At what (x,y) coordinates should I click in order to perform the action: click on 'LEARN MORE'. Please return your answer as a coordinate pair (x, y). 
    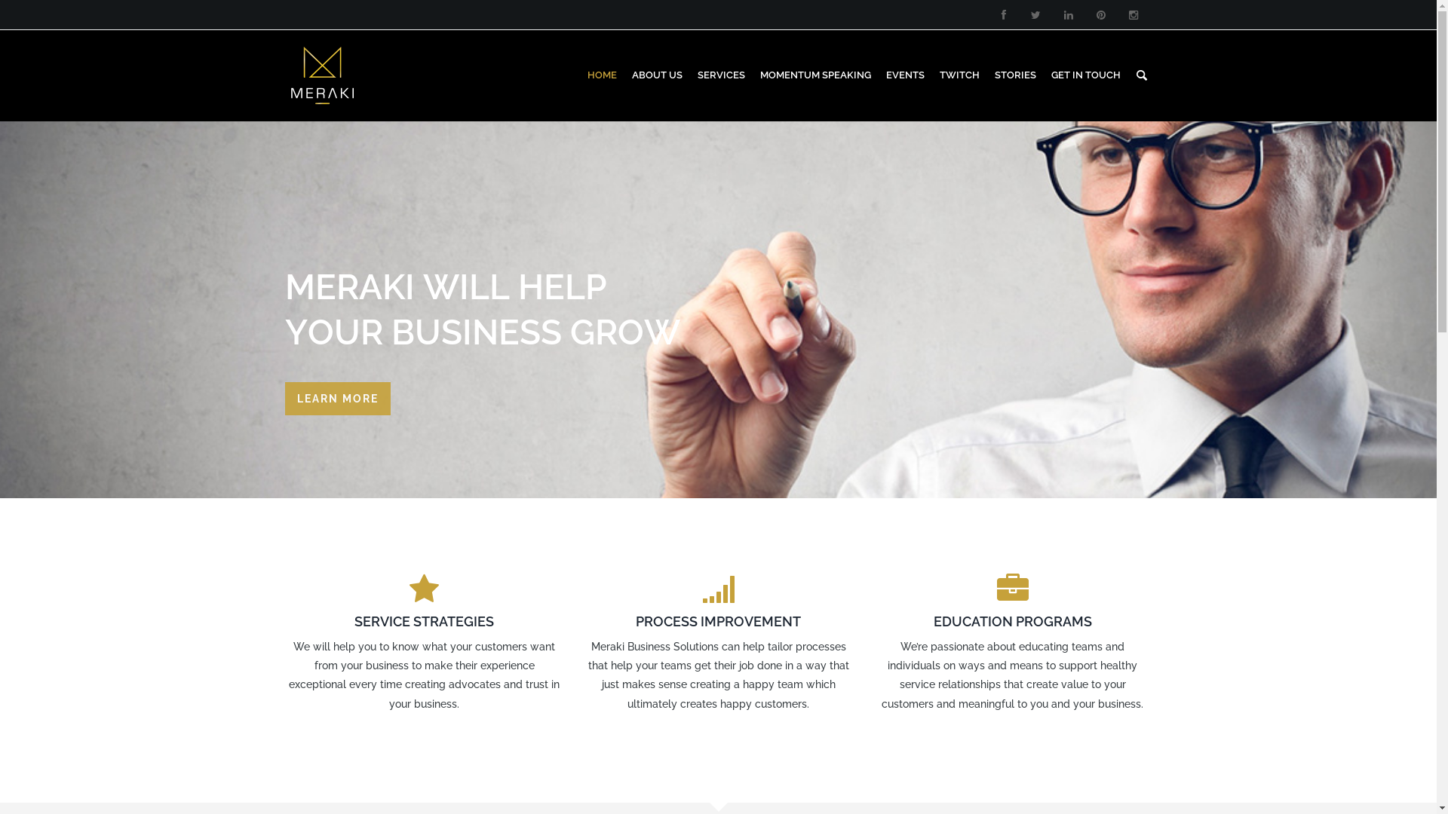
    Looking at the image, I should click on (336, 397).